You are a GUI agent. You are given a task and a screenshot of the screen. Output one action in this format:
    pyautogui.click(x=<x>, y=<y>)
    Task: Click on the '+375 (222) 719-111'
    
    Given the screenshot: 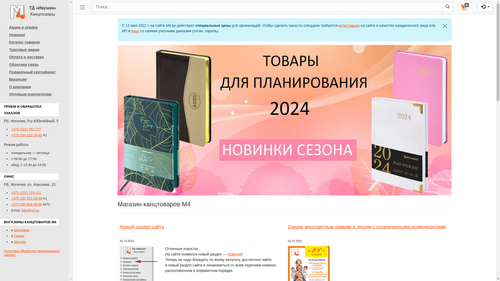 What is the action you would take?
    pyautogui.click(x=26, y=193)
    